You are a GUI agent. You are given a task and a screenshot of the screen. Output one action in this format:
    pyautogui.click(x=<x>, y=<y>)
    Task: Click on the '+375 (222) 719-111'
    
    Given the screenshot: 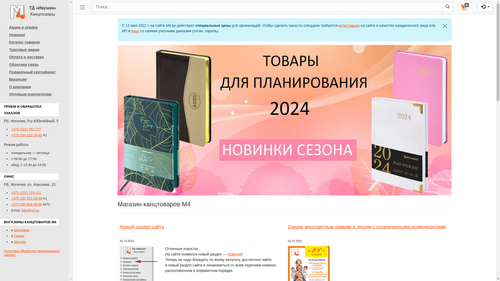 What is the action you would take?
    pyautogui.click(x=26, y=193)
    